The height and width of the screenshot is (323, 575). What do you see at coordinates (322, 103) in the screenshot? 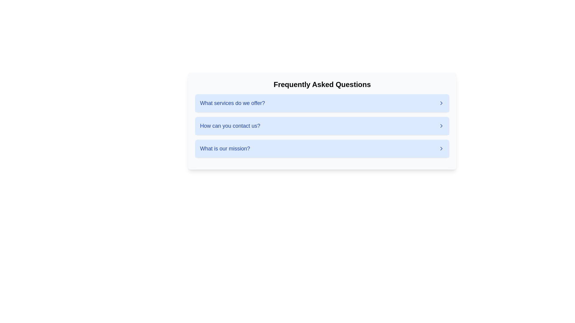
I see `the Expandable List Item labeled 'What services do we offer?'` at bounding box center [322, 103].